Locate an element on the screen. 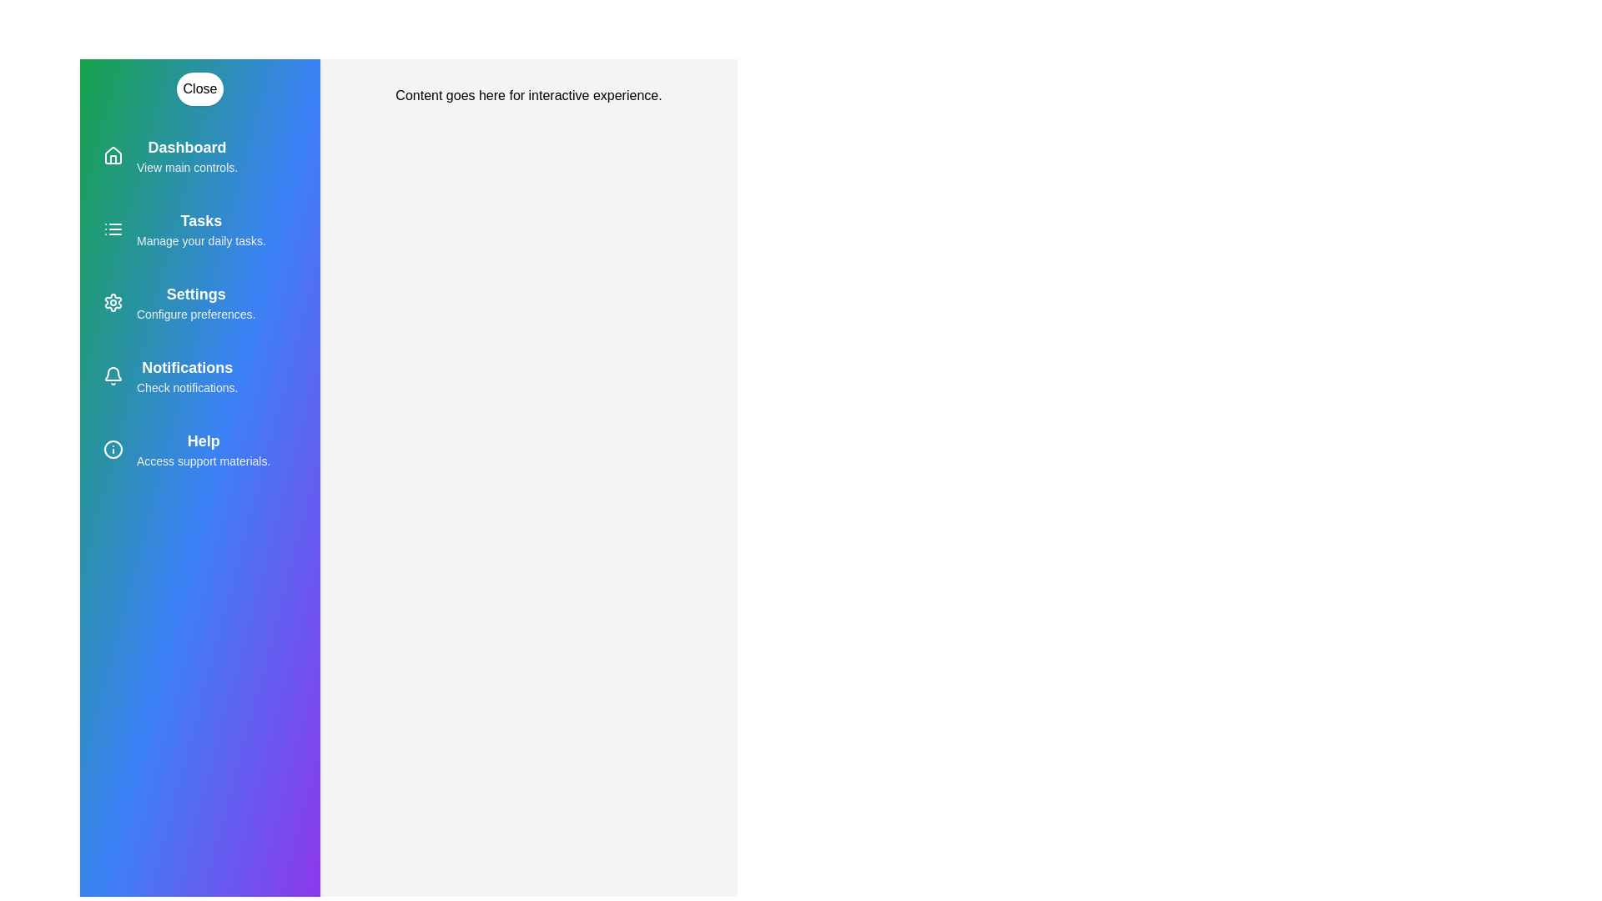  the menu item labeled Tasks to navigate is located at coordinates (200, 229).